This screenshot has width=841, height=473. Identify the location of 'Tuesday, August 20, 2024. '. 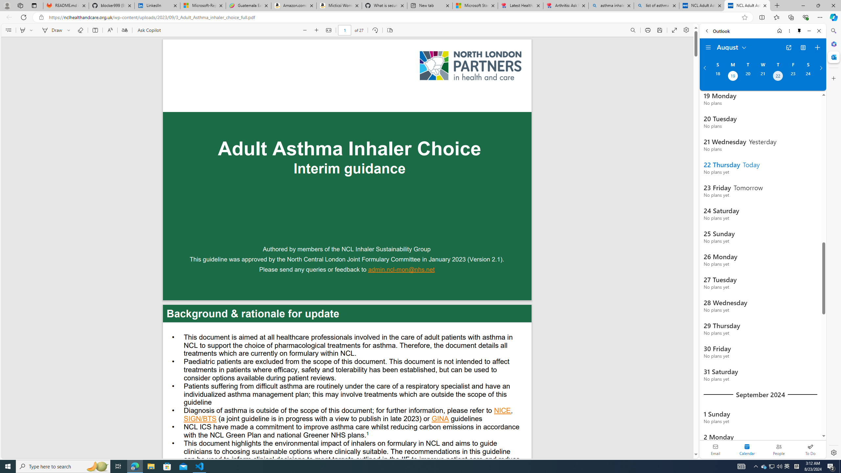
(747, 77).